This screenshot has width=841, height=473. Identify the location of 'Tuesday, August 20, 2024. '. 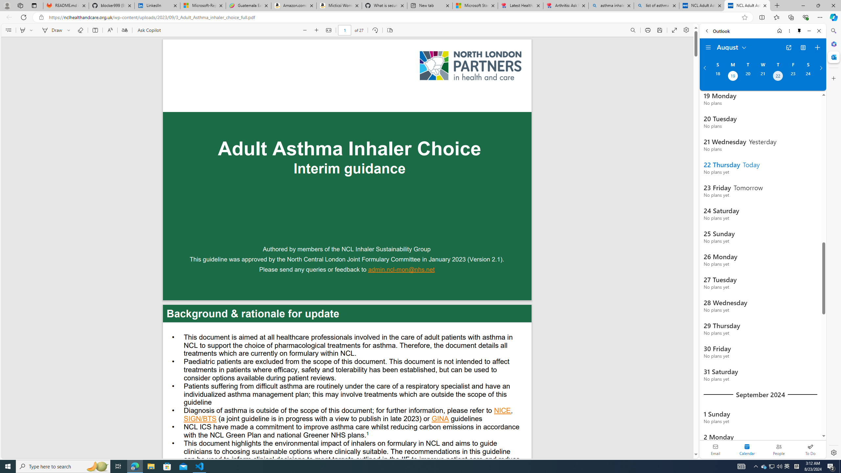
(747, 77).